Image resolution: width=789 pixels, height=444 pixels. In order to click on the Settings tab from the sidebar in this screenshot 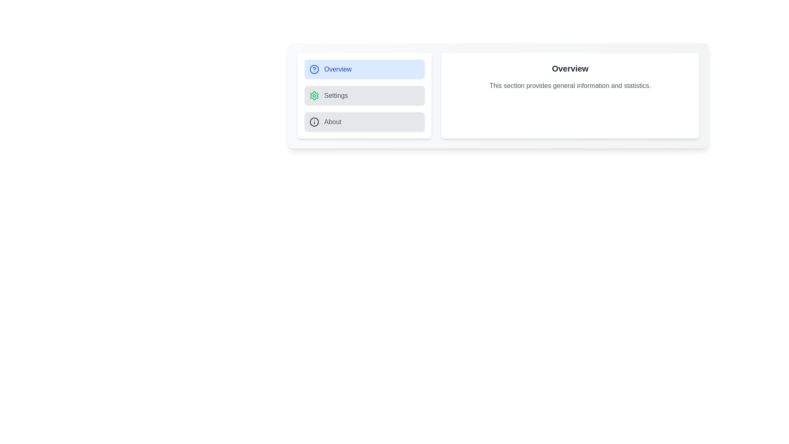, I will do `click(364, 95)`.